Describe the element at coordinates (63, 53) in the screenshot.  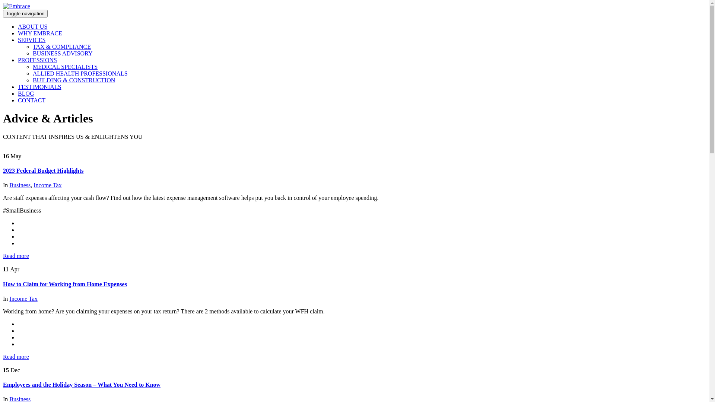
I see `'BUSINESS ADVISORY'` at that location.